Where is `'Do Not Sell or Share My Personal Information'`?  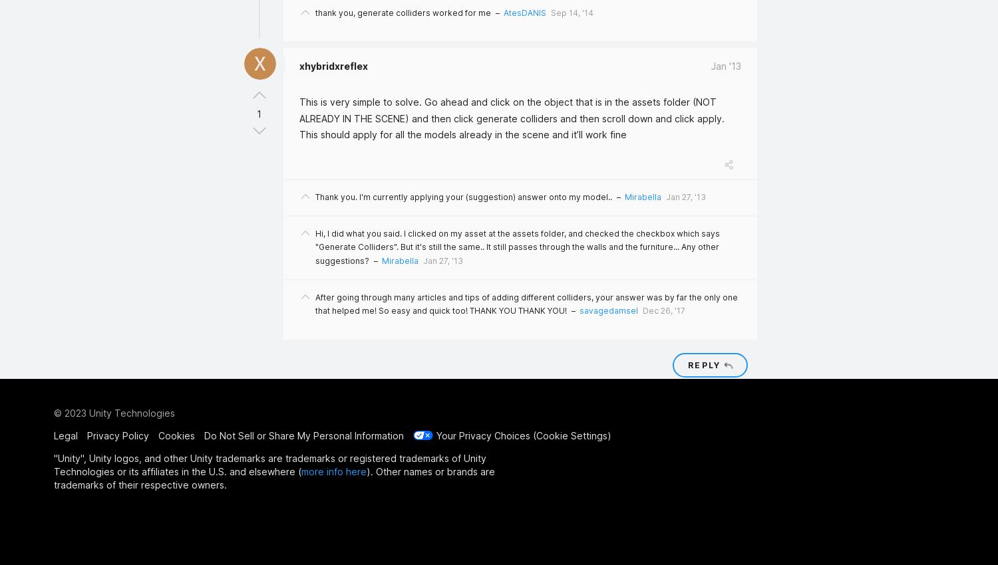 'Do Not Sell or Share My Personal Information' is located at coordinates (303, 435).